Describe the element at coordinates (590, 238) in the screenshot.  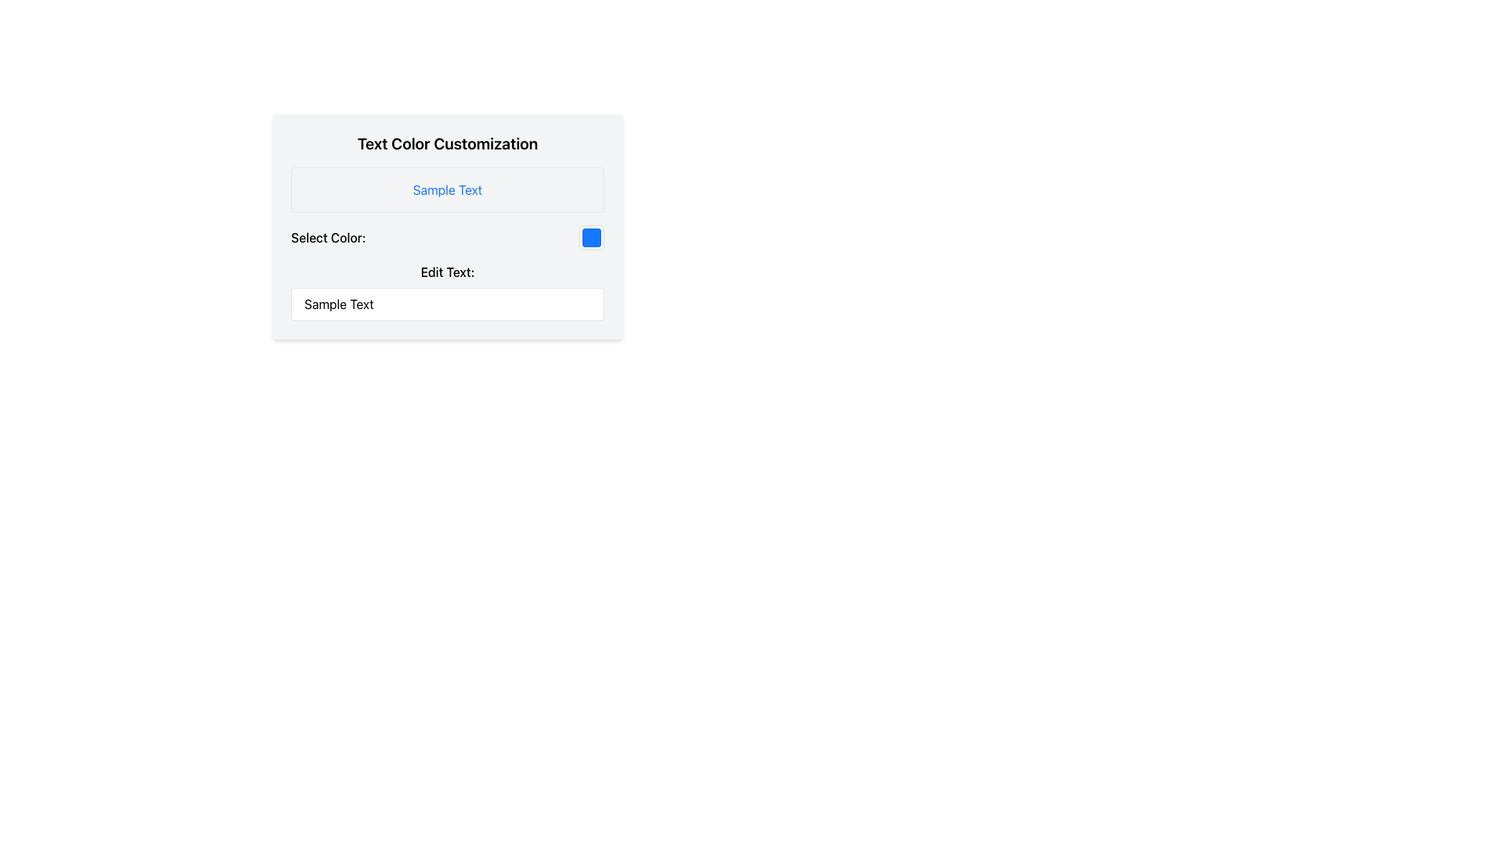
I see `the Color preview swatch located to the right of the 'Select Color:' label` at that location.